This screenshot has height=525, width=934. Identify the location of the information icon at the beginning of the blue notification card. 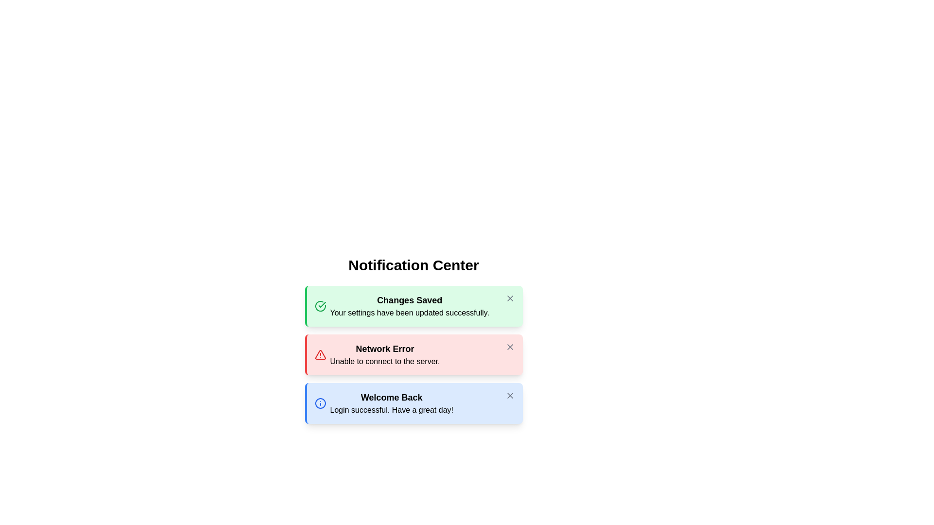
(320, 403).